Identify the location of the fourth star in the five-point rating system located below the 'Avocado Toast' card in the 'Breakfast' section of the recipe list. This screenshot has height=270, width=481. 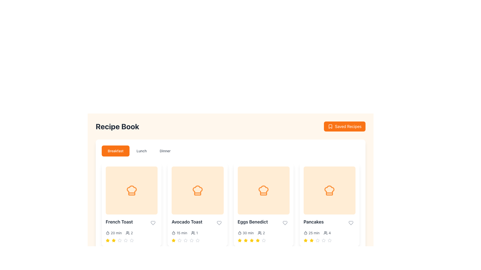
(191, 240).